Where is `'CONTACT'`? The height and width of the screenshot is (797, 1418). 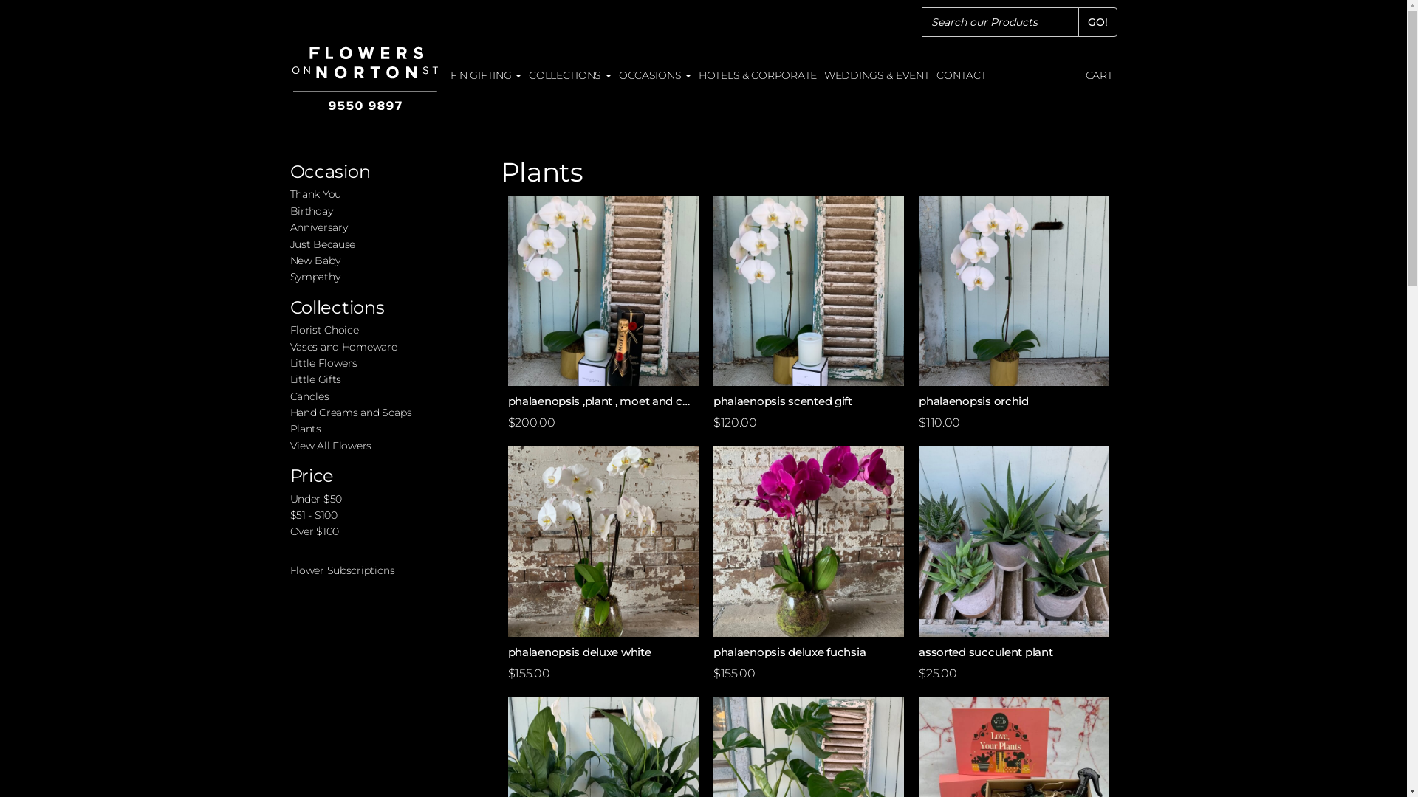 'CONTACT' is located at coordinates (961, 75).